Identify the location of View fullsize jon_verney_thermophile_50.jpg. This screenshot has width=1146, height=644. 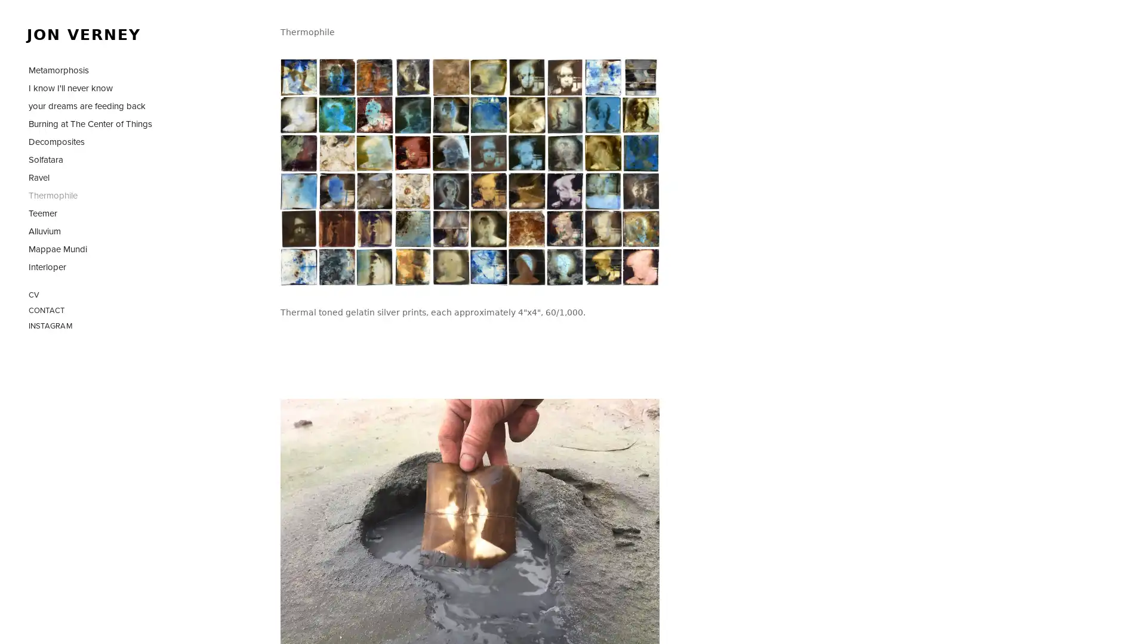
(489, 151).